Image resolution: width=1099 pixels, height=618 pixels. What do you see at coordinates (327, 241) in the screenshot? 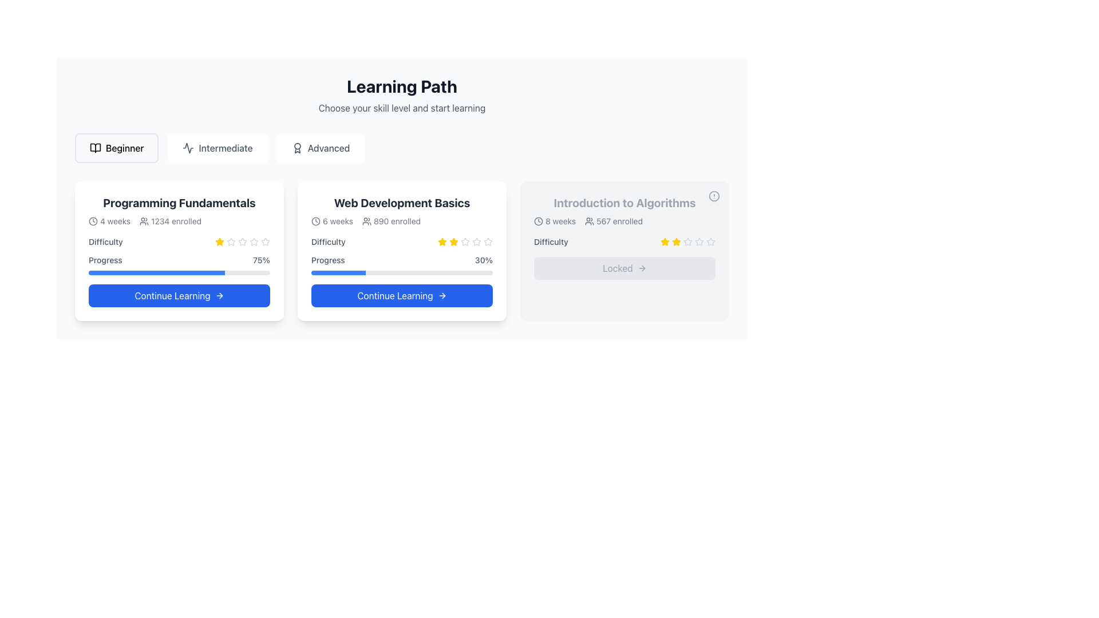
I see `the text label indicating the purpose of the associated star rating component located within the second card under the title 'Web Development Basics', above the progress bar and button, and preceding a series of star rating icons` at bounding box center [327, 241].